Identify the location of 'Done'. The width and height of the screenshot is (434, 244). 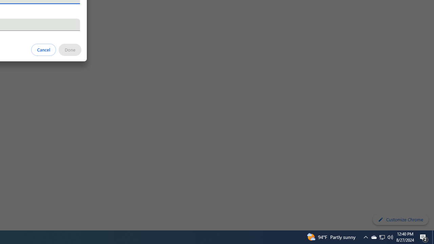
(70, 49).